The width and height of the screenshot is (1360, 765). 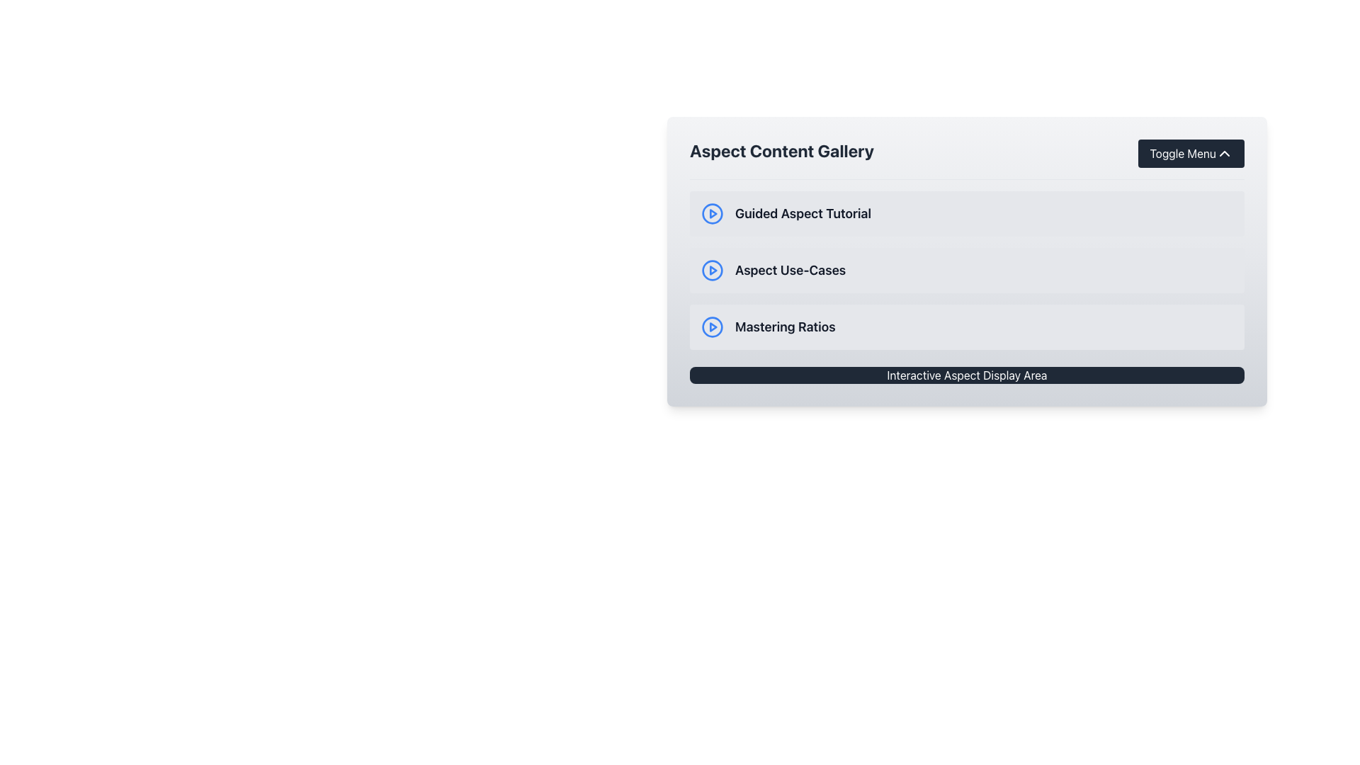 I want to click on text label 'Mastering Ratios' which is styled in bold with dark color against a light background, located in the third row of a list, to the right of a circular play icon, so click(x=784, y=327).